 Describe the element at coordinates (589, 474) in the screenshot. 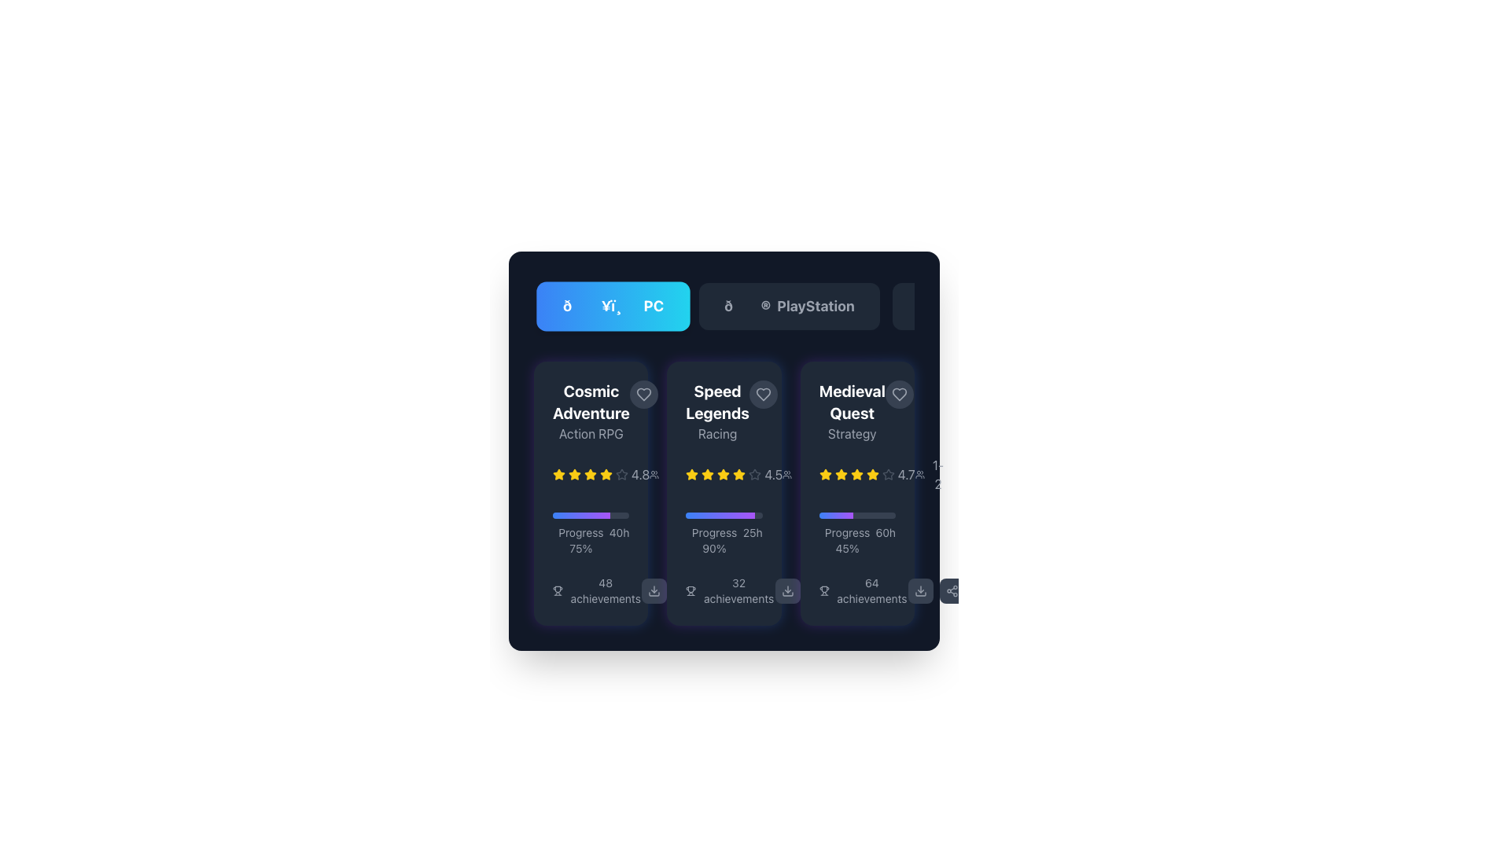

I see `the visual state of the fifth yellow star icon representing rating, located under the 'Cosmic Adventure' card in the first column of a grid layout` at that location.